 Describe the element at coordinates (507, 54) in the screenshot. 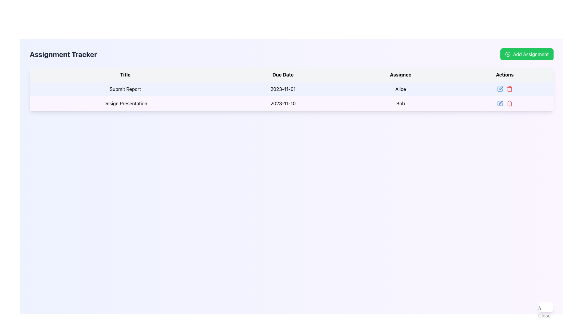

I see `the graphic component of the 'Add Assignment' button, which is an SVG icon featuring a circle and a plus sign, located at the top-right corner of the interface` at that location.